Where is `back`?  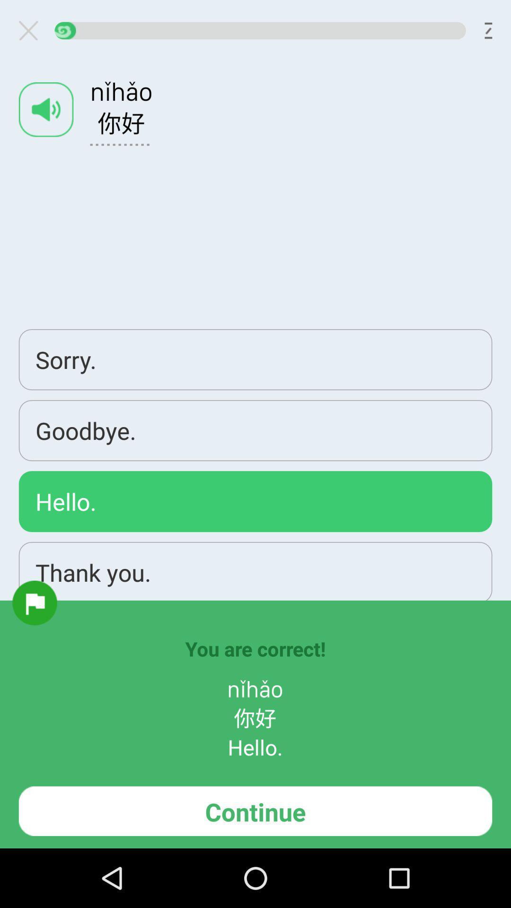 back is located at coordinates (32, 30).